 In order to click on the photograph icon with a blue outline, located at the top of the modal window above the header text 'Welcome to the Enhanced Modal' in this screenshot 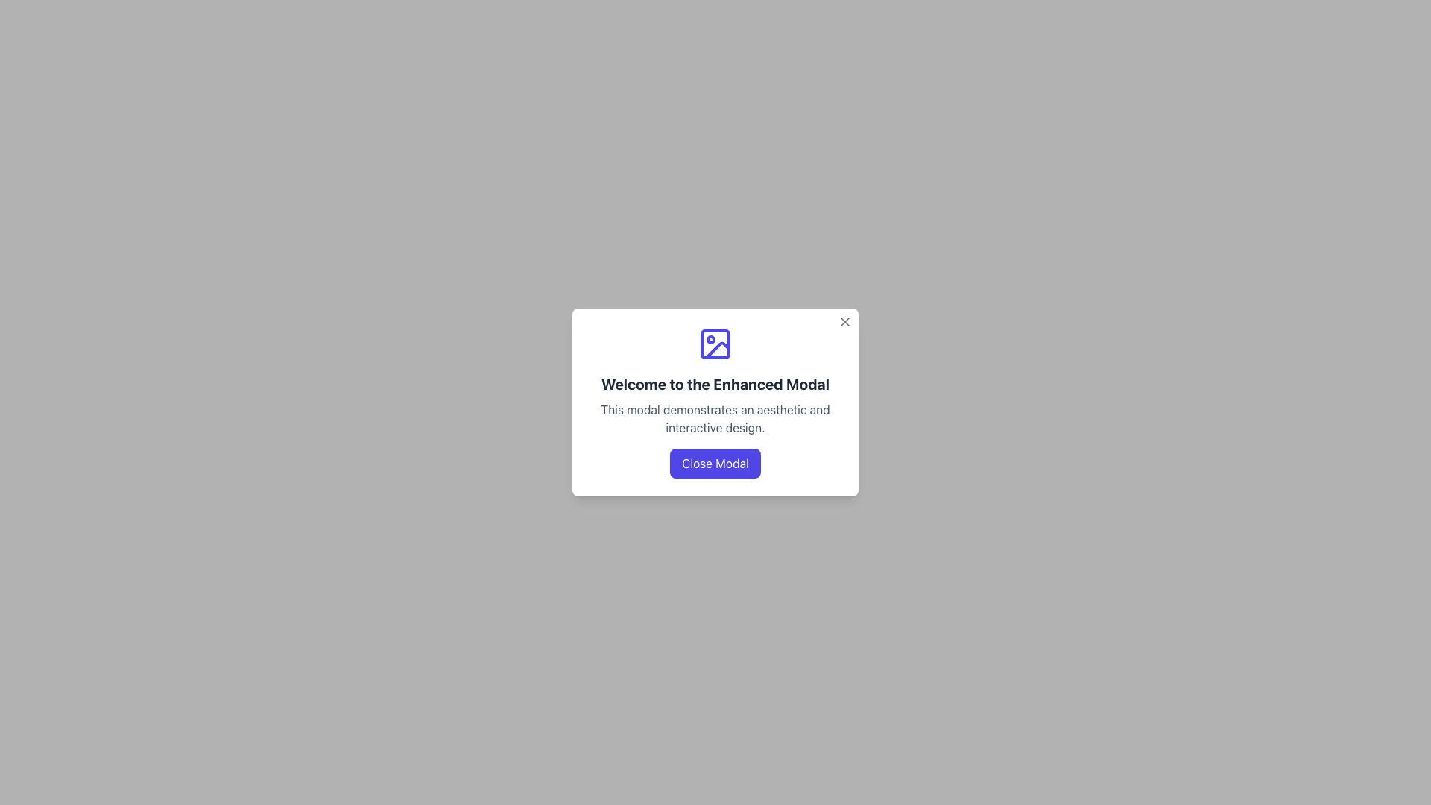, I will do `click(715, 344)`.